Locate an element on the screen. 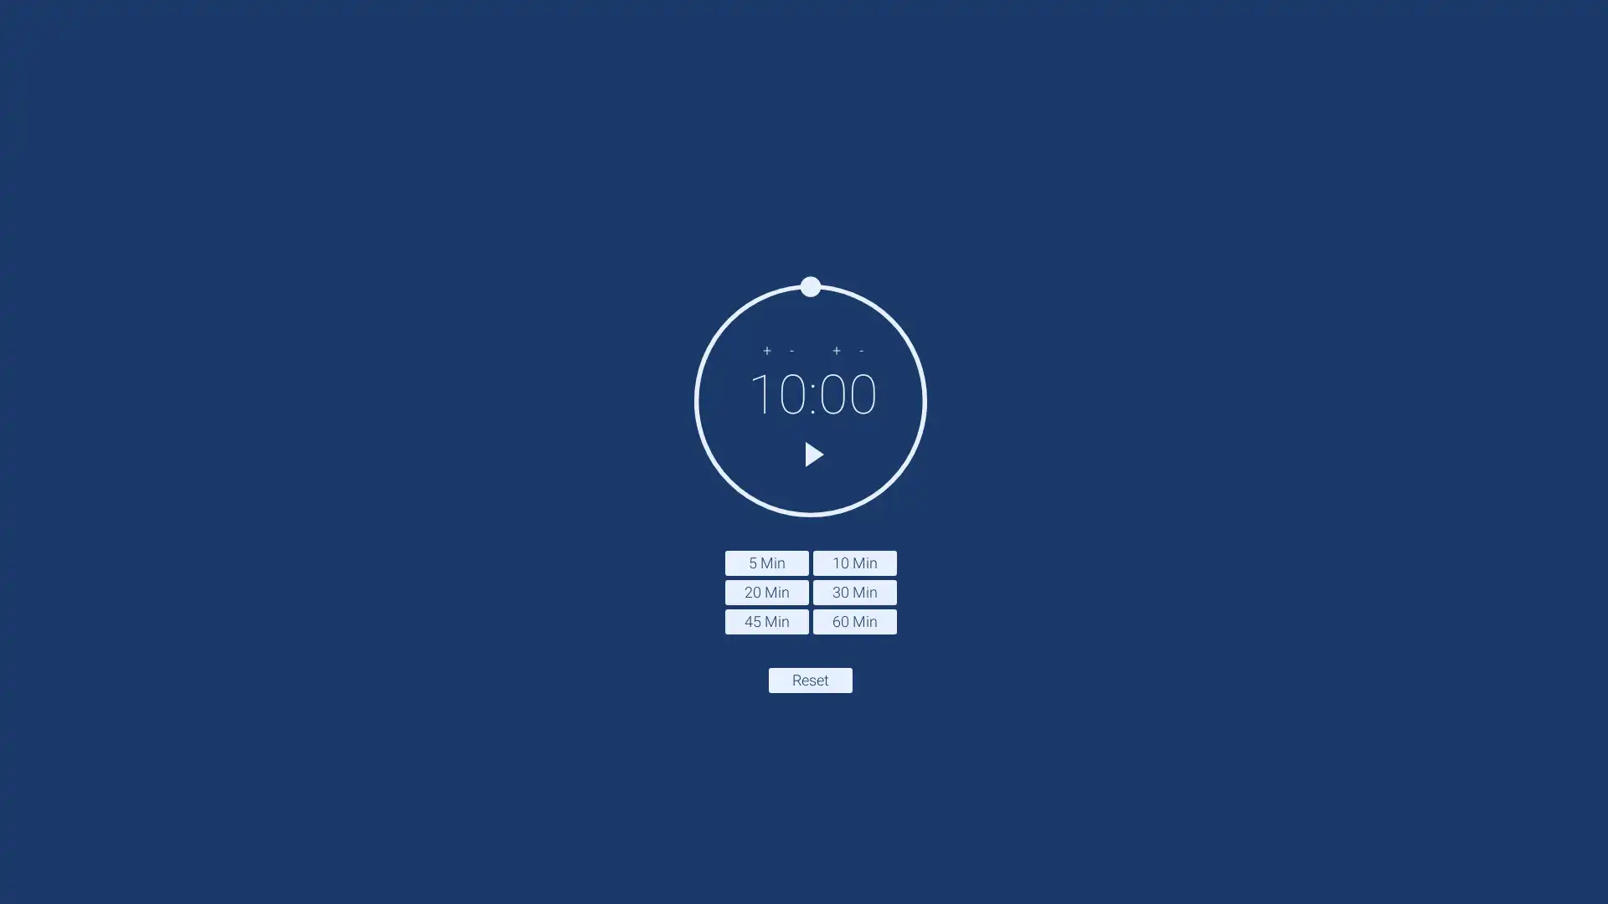 Image resolution: width=1608 pixels, height=904 pixels. 60 Min is located at coordinates (853, 620).